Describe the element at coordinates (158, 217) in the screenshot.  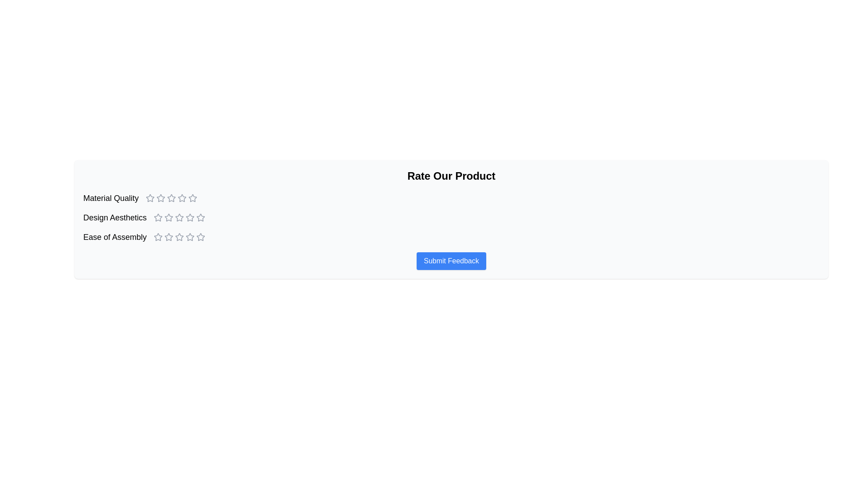
I see `the second star icon in the rating series next to the label 'Design Aesthetics'` at that location.